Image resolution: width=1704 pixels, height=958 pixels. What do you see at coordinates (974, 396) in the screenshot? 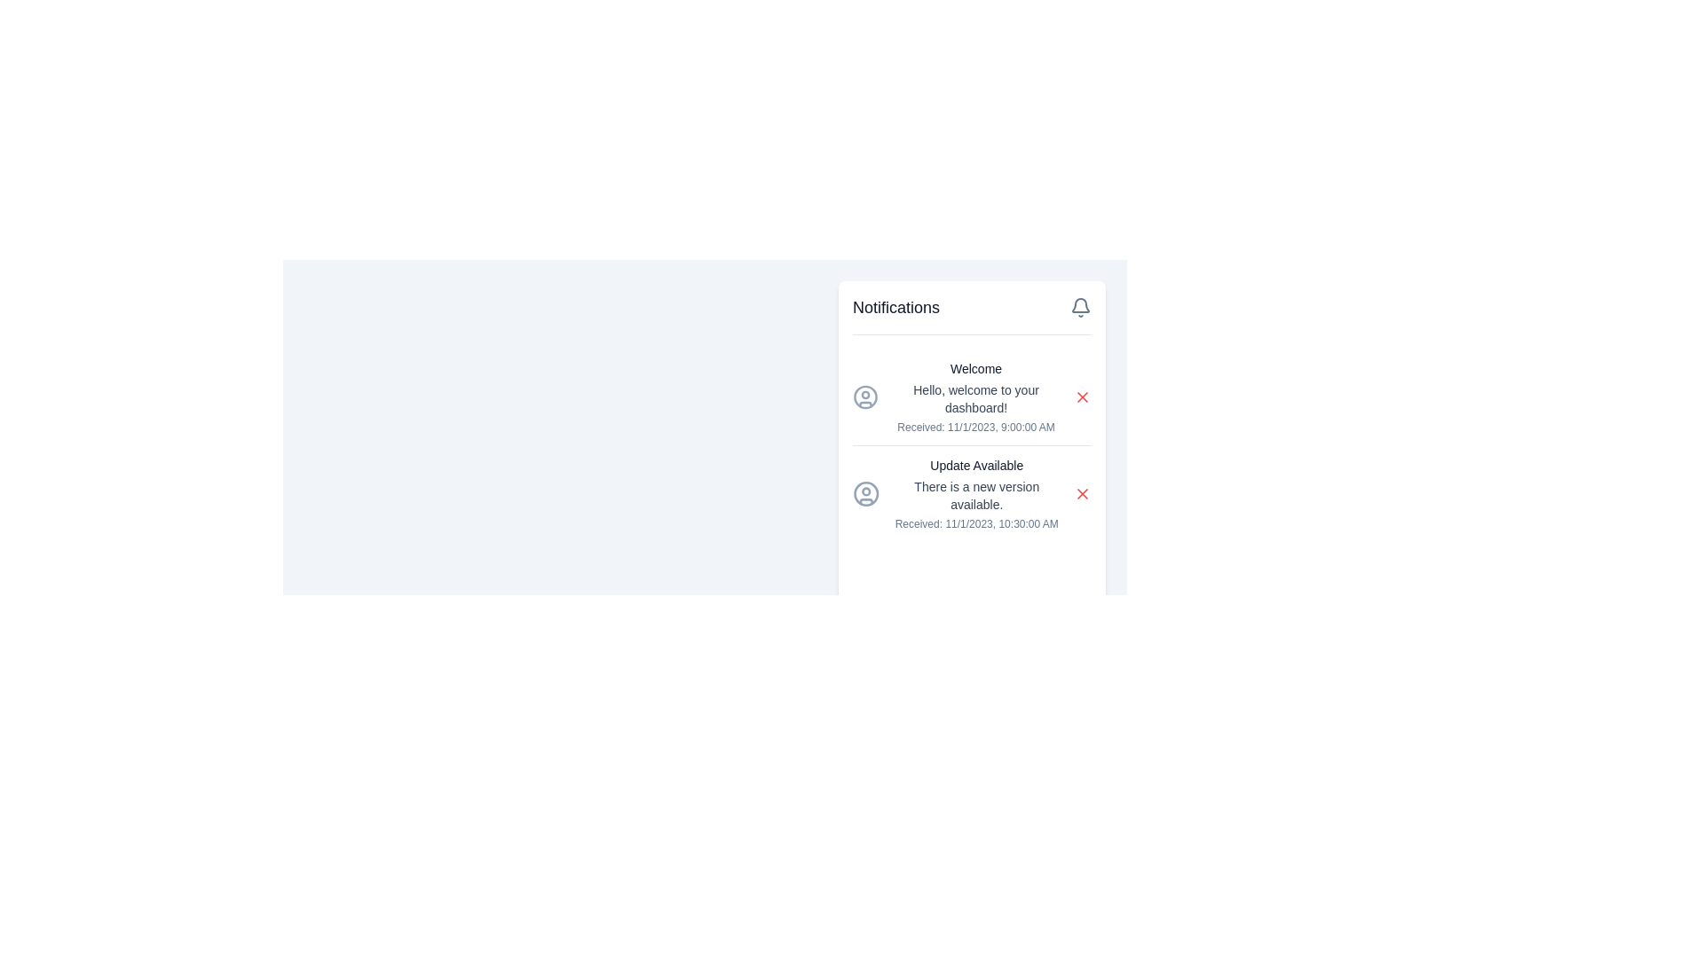
I see `the text group notification that includes the heading 'Welcome', the message 'Hello, welcome to your dashboard!', and the timestamp 'Received: 11/1/2023, 9:00:00 AM'` at bounding box center [974, 396].